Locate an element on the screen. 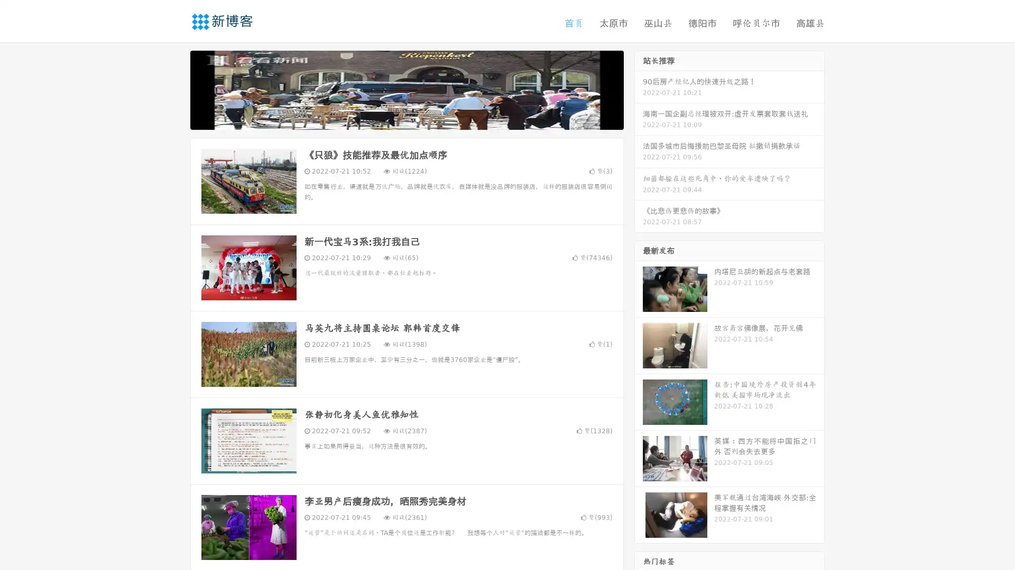 Image resolution: width=1015 pixels, height=570 pixels. Previous slide is located at coordinates (174, 89).